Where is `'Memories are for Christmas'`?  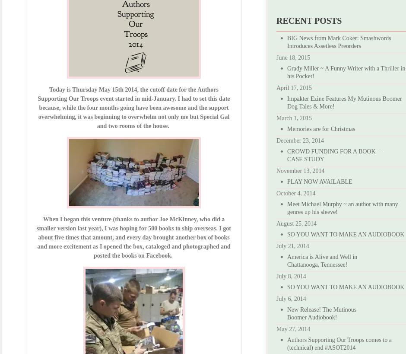 'Memories are for Christmas' is located at coordinates (321, 129).